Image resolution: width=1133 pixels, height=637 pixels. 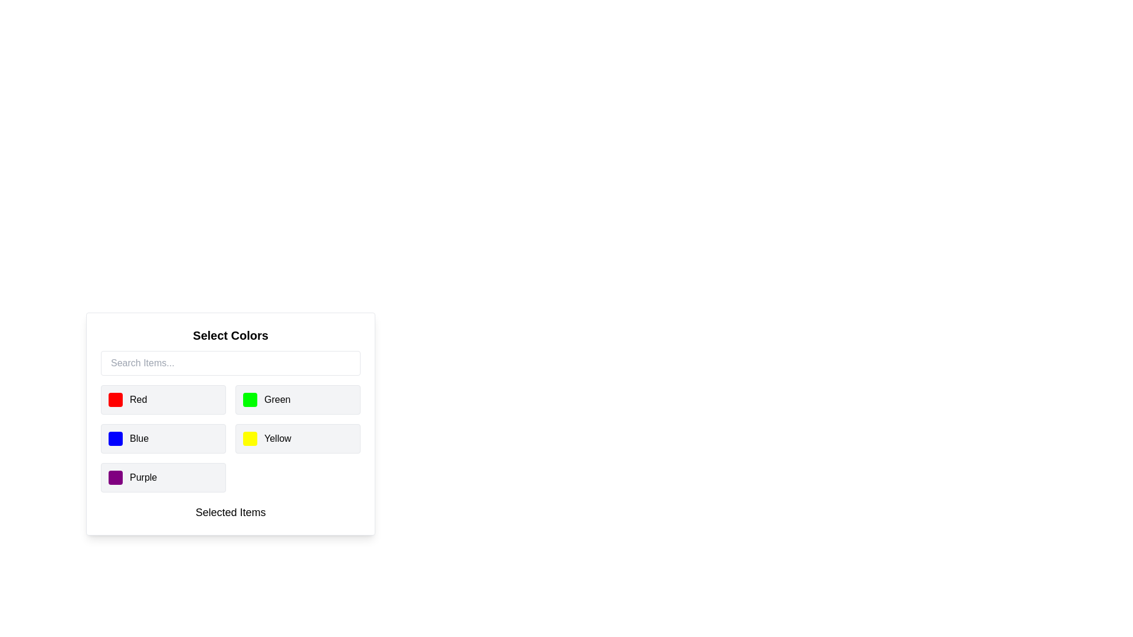 What do you see at coordinates (163, 439) in the screenshot?
I see `the selectable color option labeled 'Blue' located in the third row, first column of the 'Select Colors' grid, positioned below 'Red' and to the left of 'Yellow'` at bounding box center [163, 439].